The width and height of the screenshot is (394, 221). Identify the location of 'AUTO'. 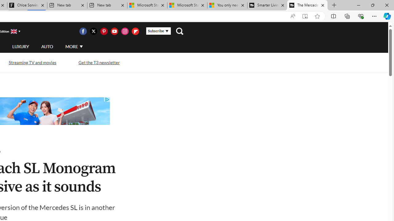
(47, 46).